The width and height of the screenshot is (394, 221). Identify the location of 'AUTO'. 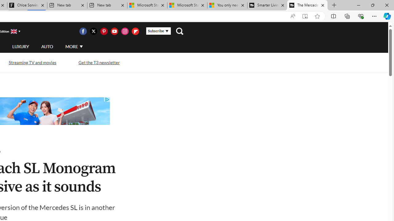
(47, 46).